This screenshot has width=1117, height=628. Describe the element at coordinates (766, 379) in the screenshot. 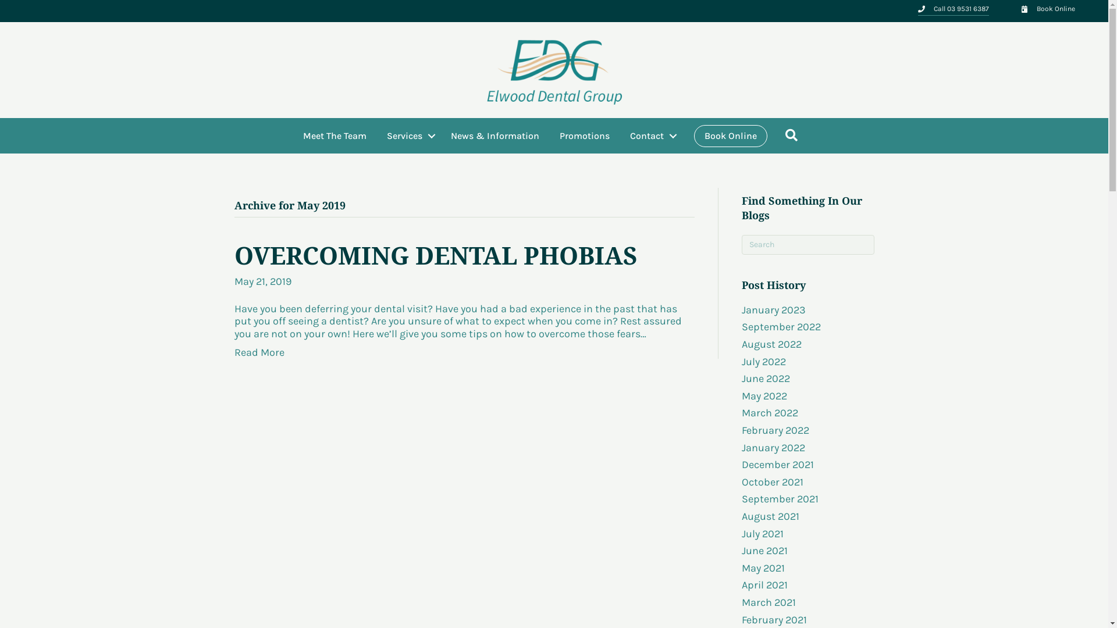

I see `'June 2022'` at that location.